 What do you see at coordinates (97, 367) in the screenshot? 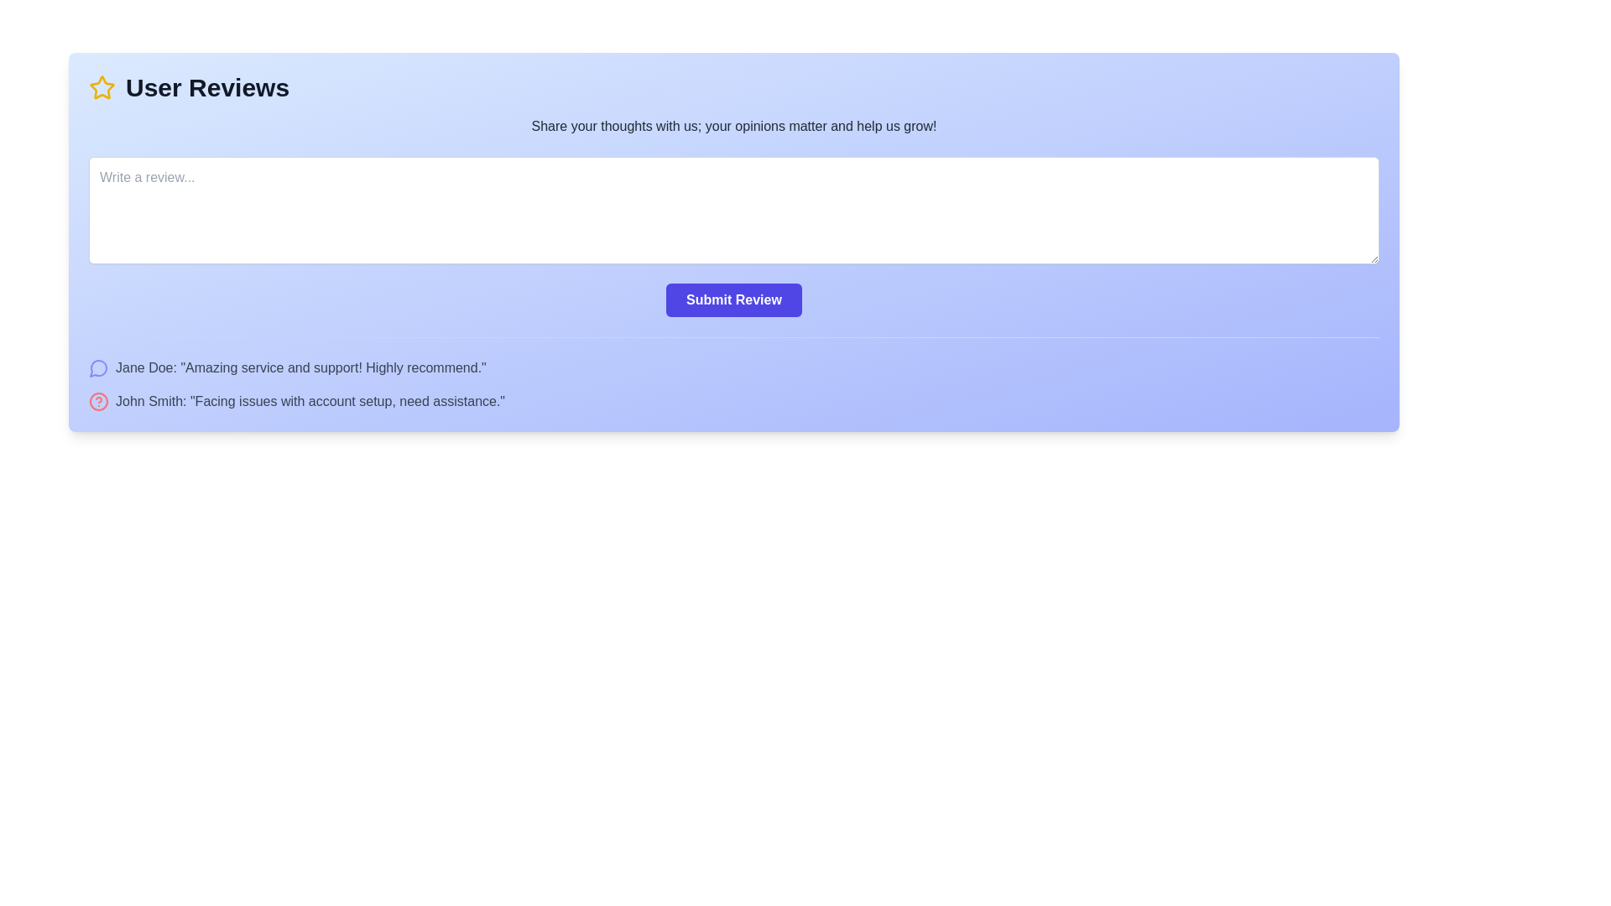
I see `the vector graphic message bubble next to the user review by 'John Smith' in the review section` at bounding box center [97, 367].